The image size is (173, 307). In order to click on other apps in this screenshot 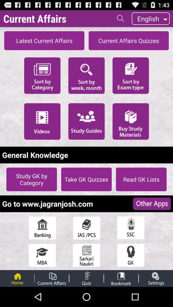, I will do `click(152, 203)`.